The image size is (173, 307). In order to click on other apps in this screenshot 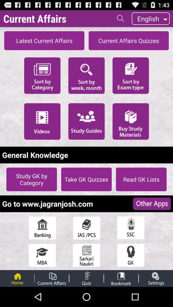, I will do `click(152, 203)`.